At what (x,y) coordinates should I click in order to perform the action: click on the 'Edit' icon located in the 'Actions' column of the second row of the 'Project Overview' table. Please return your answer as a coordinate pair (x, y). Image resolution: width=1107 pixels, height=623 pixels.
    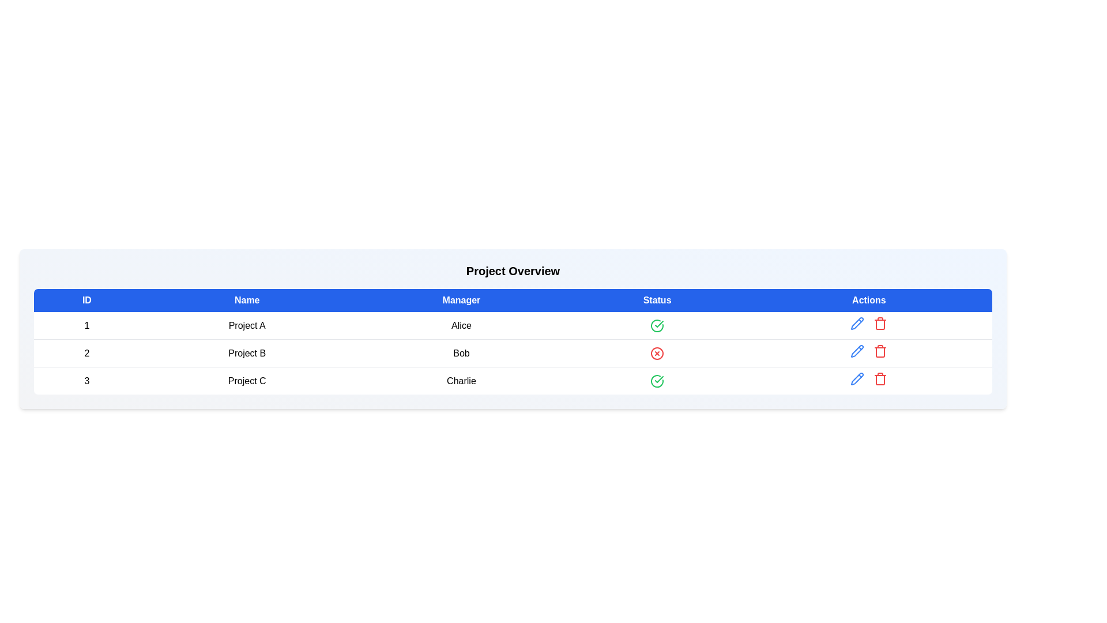
    Looking at the image, I should click on (857, 351).